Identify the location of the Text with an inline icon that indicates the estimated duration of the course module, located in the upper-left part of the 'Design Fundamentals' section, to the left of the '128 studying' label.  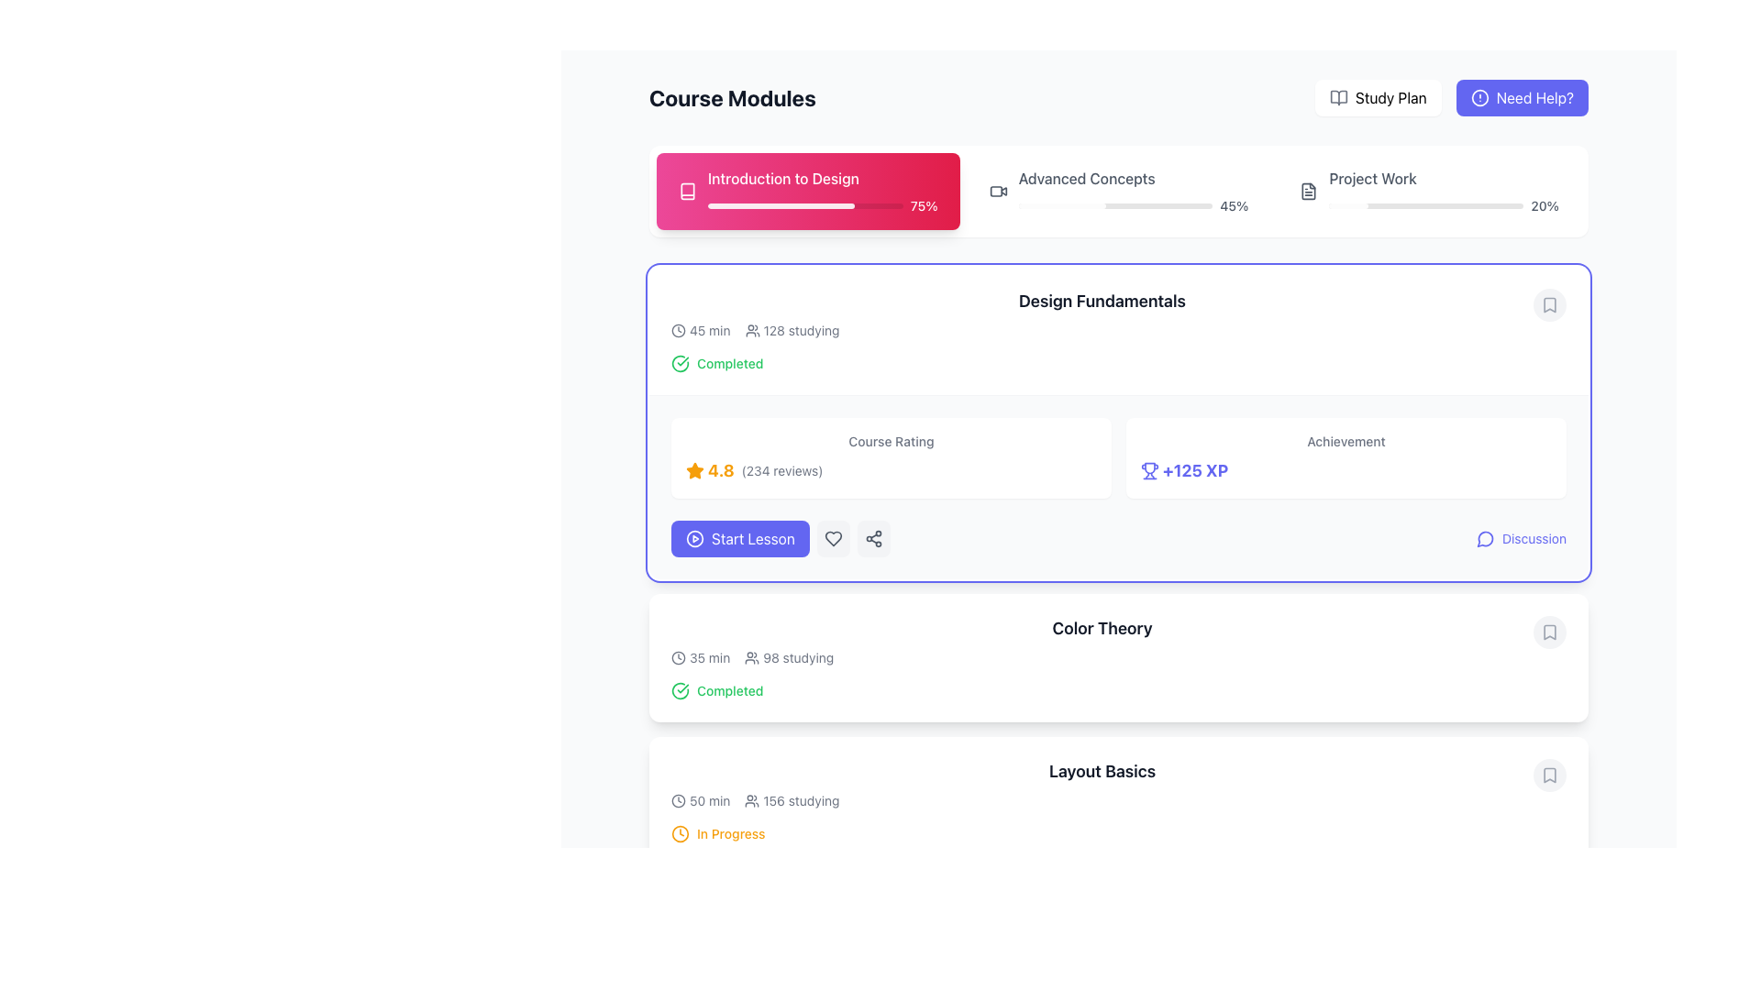
(700, 331).